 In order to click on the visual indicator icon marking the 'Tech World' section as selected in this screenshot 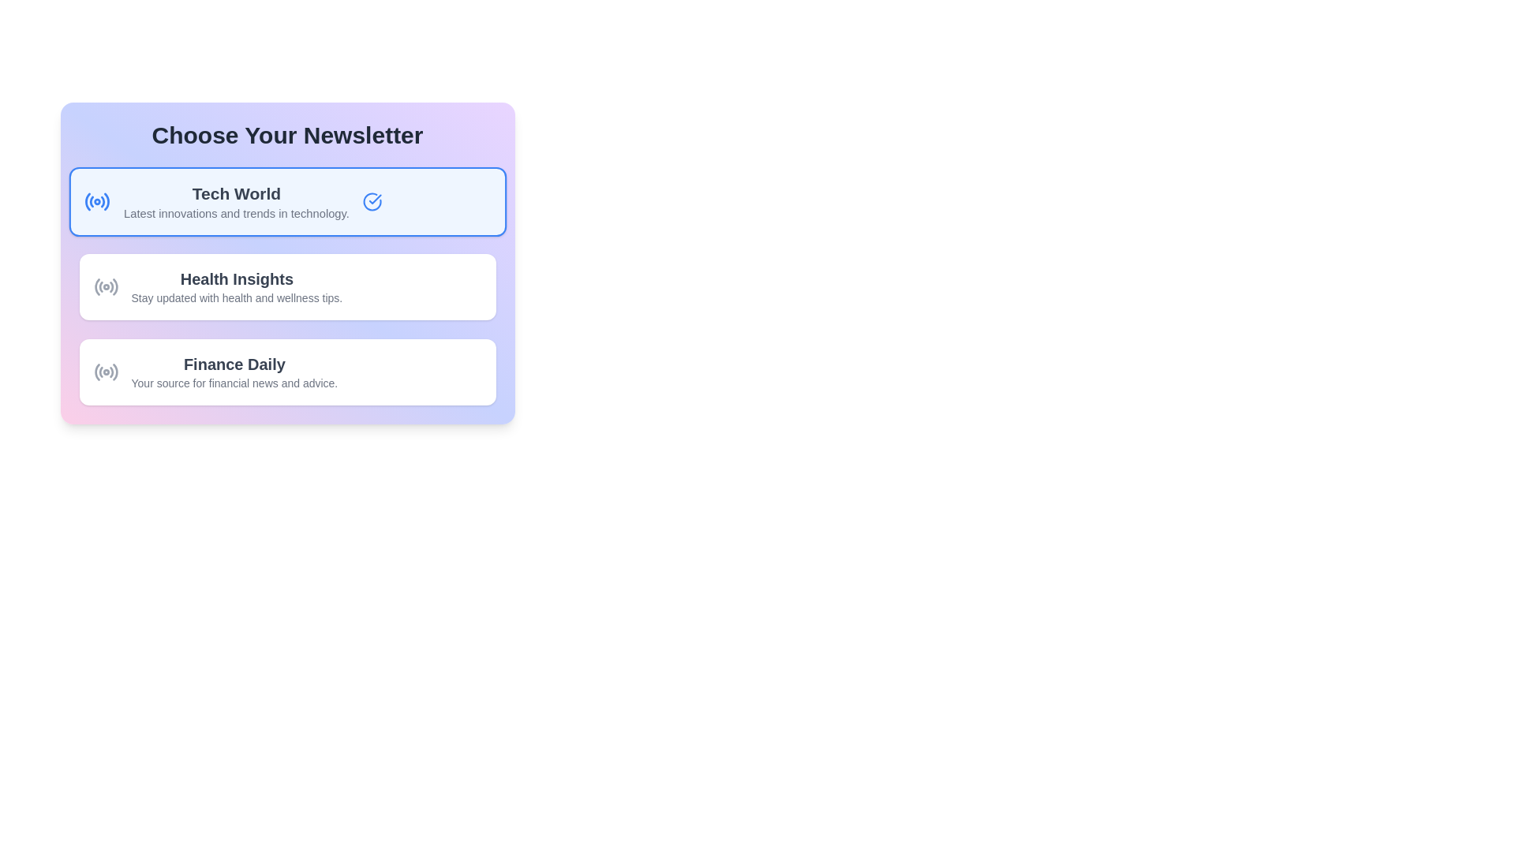, I will do `click(371, 200)`.